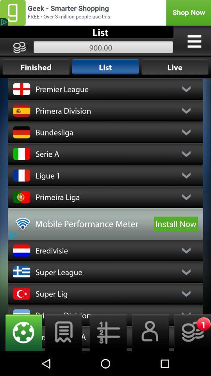 The height and width of the screenshot is (376, 211). I want to click on the icon to the left of install now, so click(93, 224).